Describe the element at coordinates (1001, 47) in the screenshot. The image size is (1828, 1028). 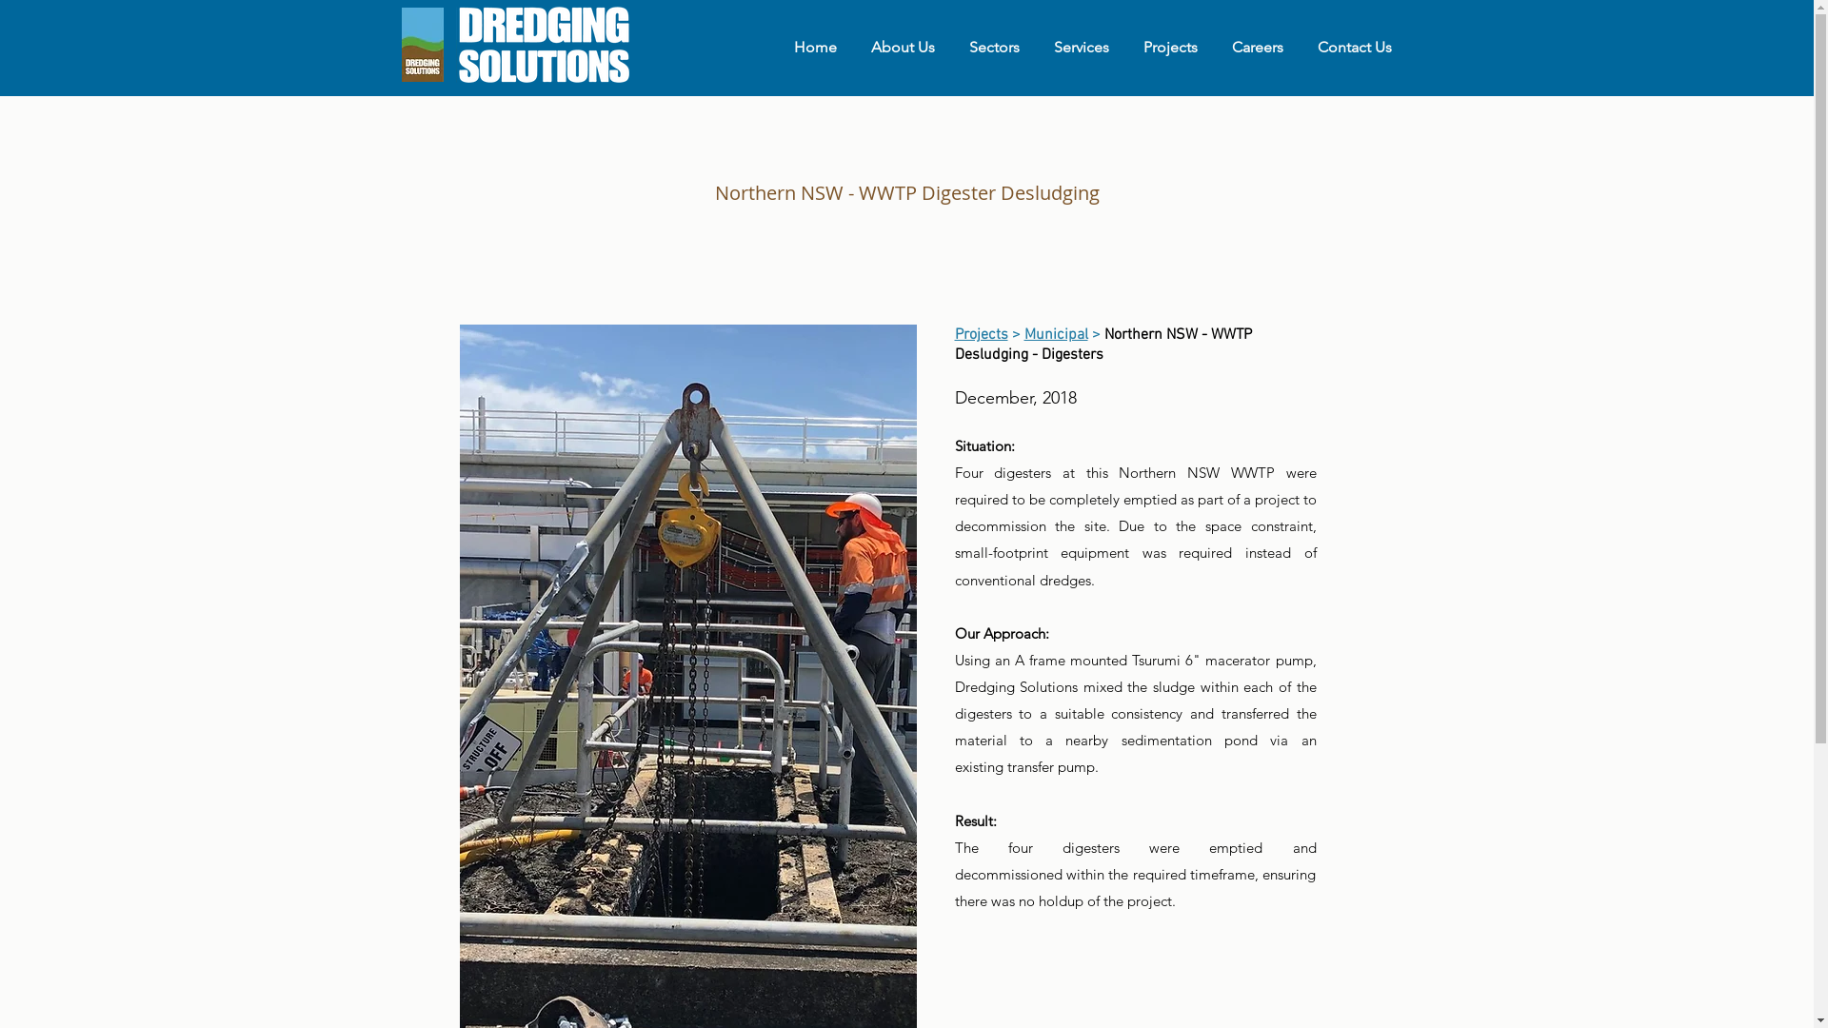
I see `'Sectors'` at that location.